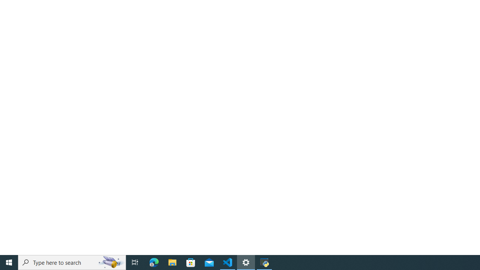 This screenshot has height=270, width=480. I want to click on 'File Explorer', so click(172, 262).